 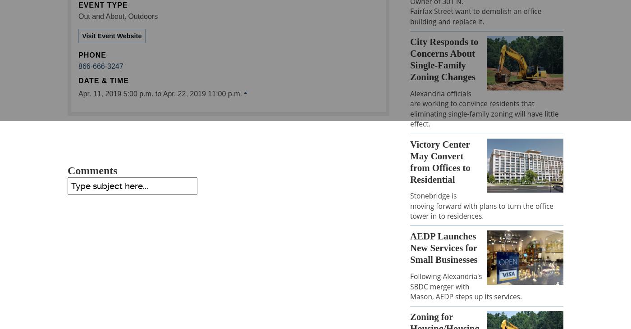 I want to click on '866-666-3247', so click(x=101, y=66).